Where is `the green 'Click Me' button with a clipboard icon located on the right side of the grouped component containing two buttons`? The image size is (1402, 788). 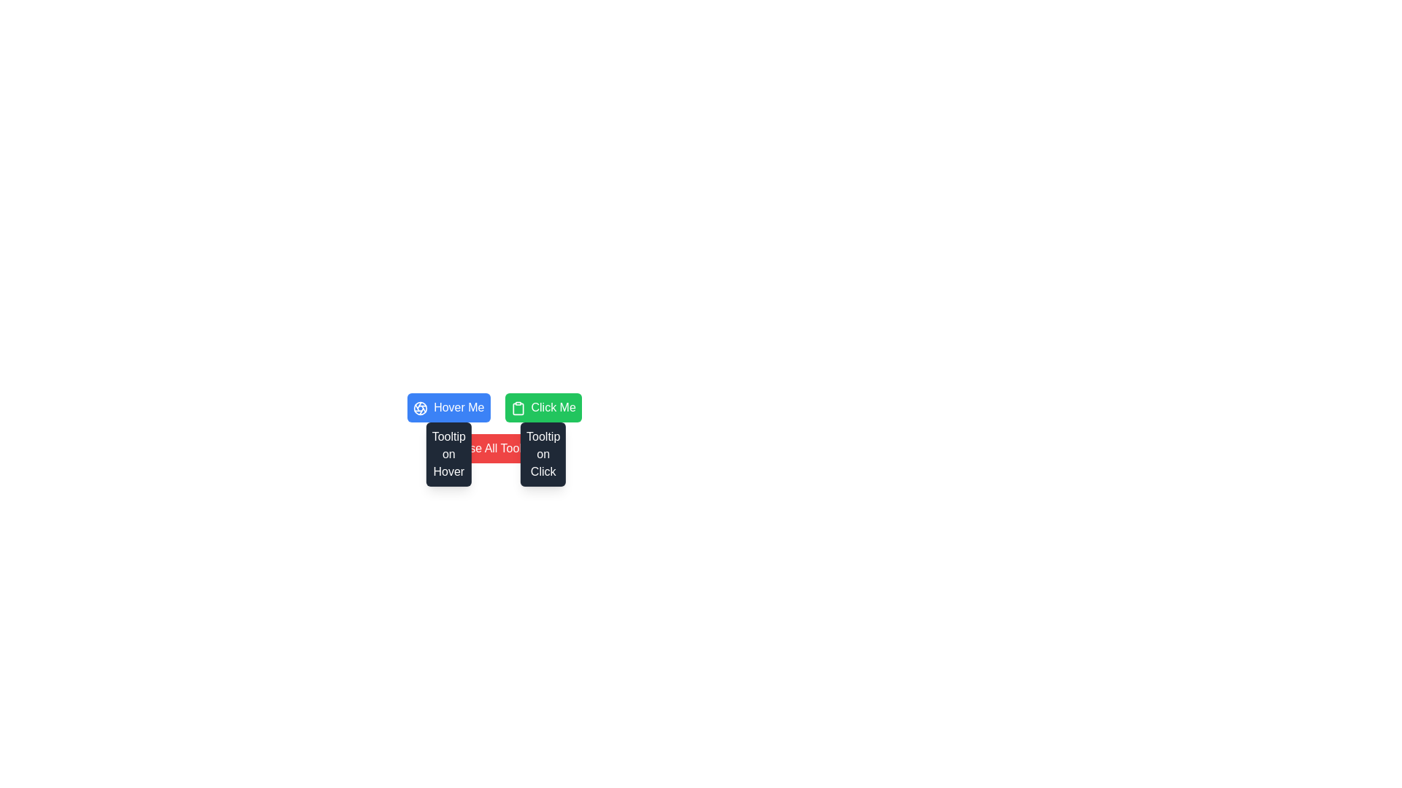 the green 'Click Me' button with a clipboard icon located on the right side of the grouped component containing two buttons is located at coordinates (496, 408).